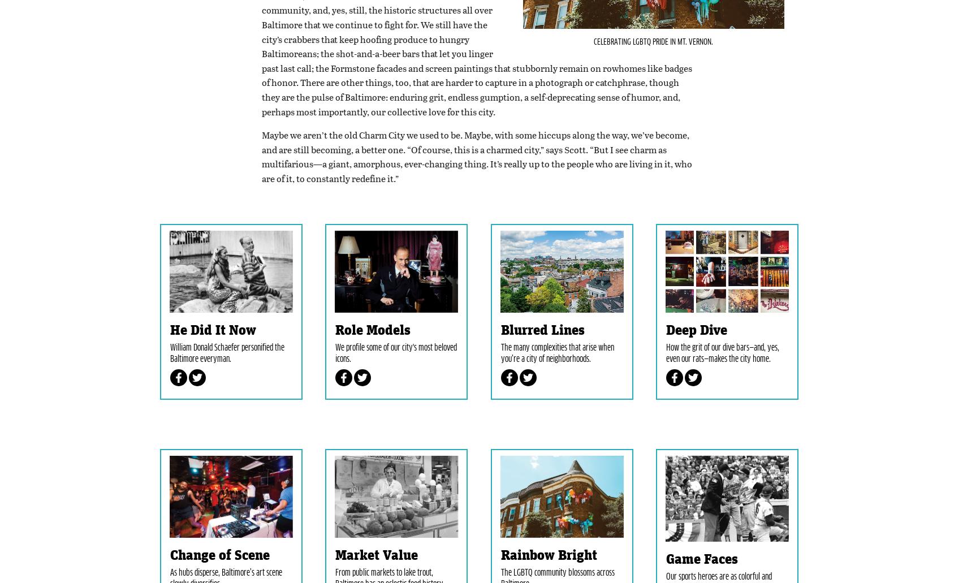 This screenshot has height=583, width=967. I want to click on 'Deep Dive', so click(696, 384).